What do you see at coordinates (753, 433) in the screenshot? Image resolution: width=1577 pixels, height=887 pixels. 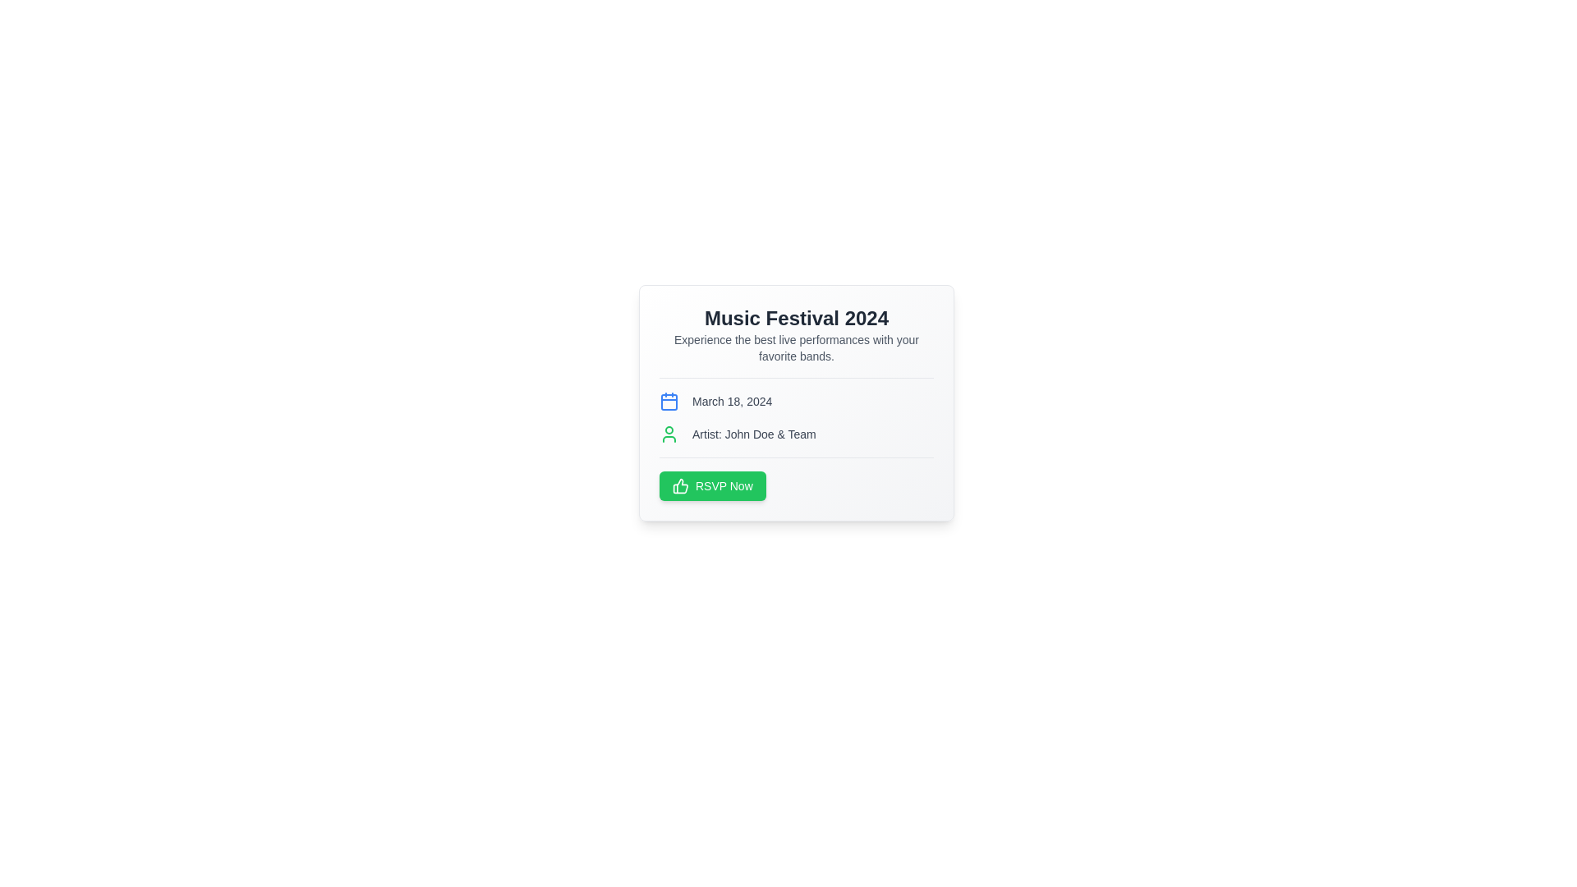 I see `the text label displaying 'Artist: John Doe & Team'` at bounding box center [753, 433].